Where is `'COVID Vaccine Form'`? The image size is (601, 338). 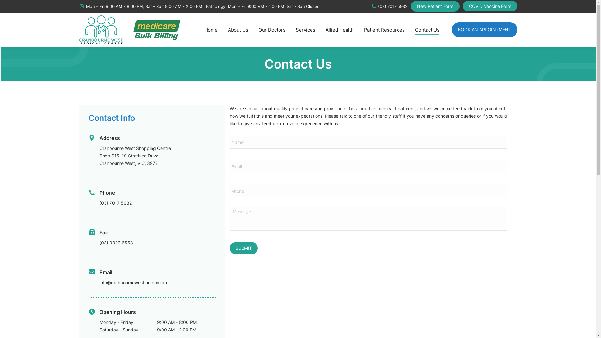 'COVID Vaccine Form' is located at coordinates (490, 6).